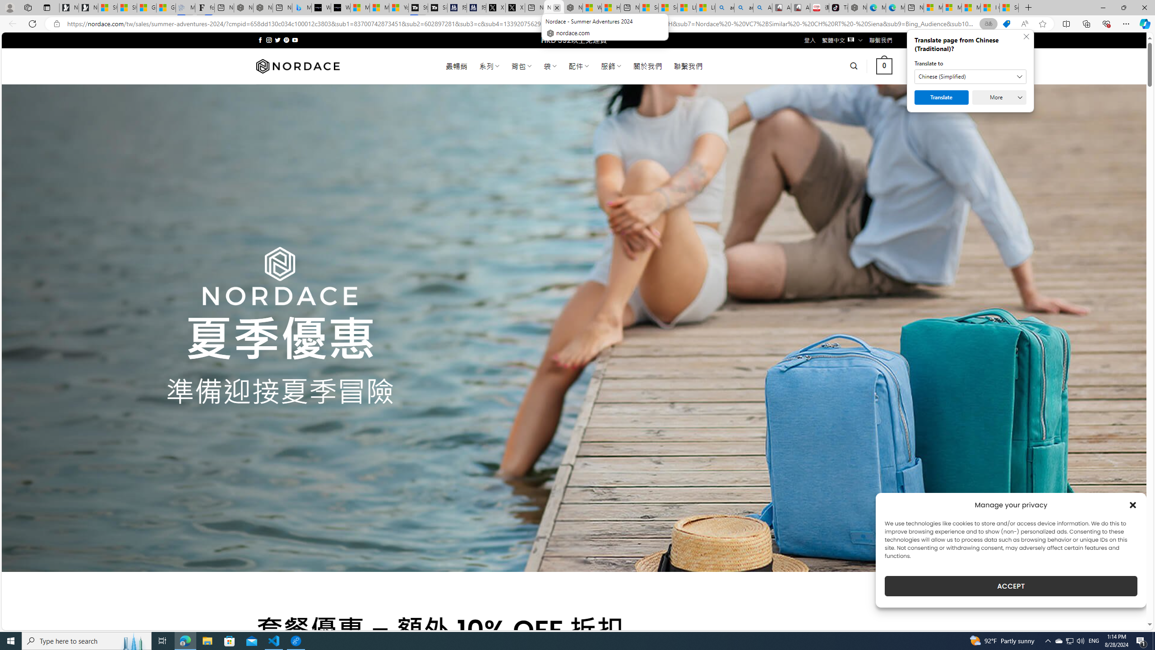 This screenshot has width=1155, height=650. Describe the element at coordinates (970, 76) in the screenshot. I see `'Translate to'` at that location.